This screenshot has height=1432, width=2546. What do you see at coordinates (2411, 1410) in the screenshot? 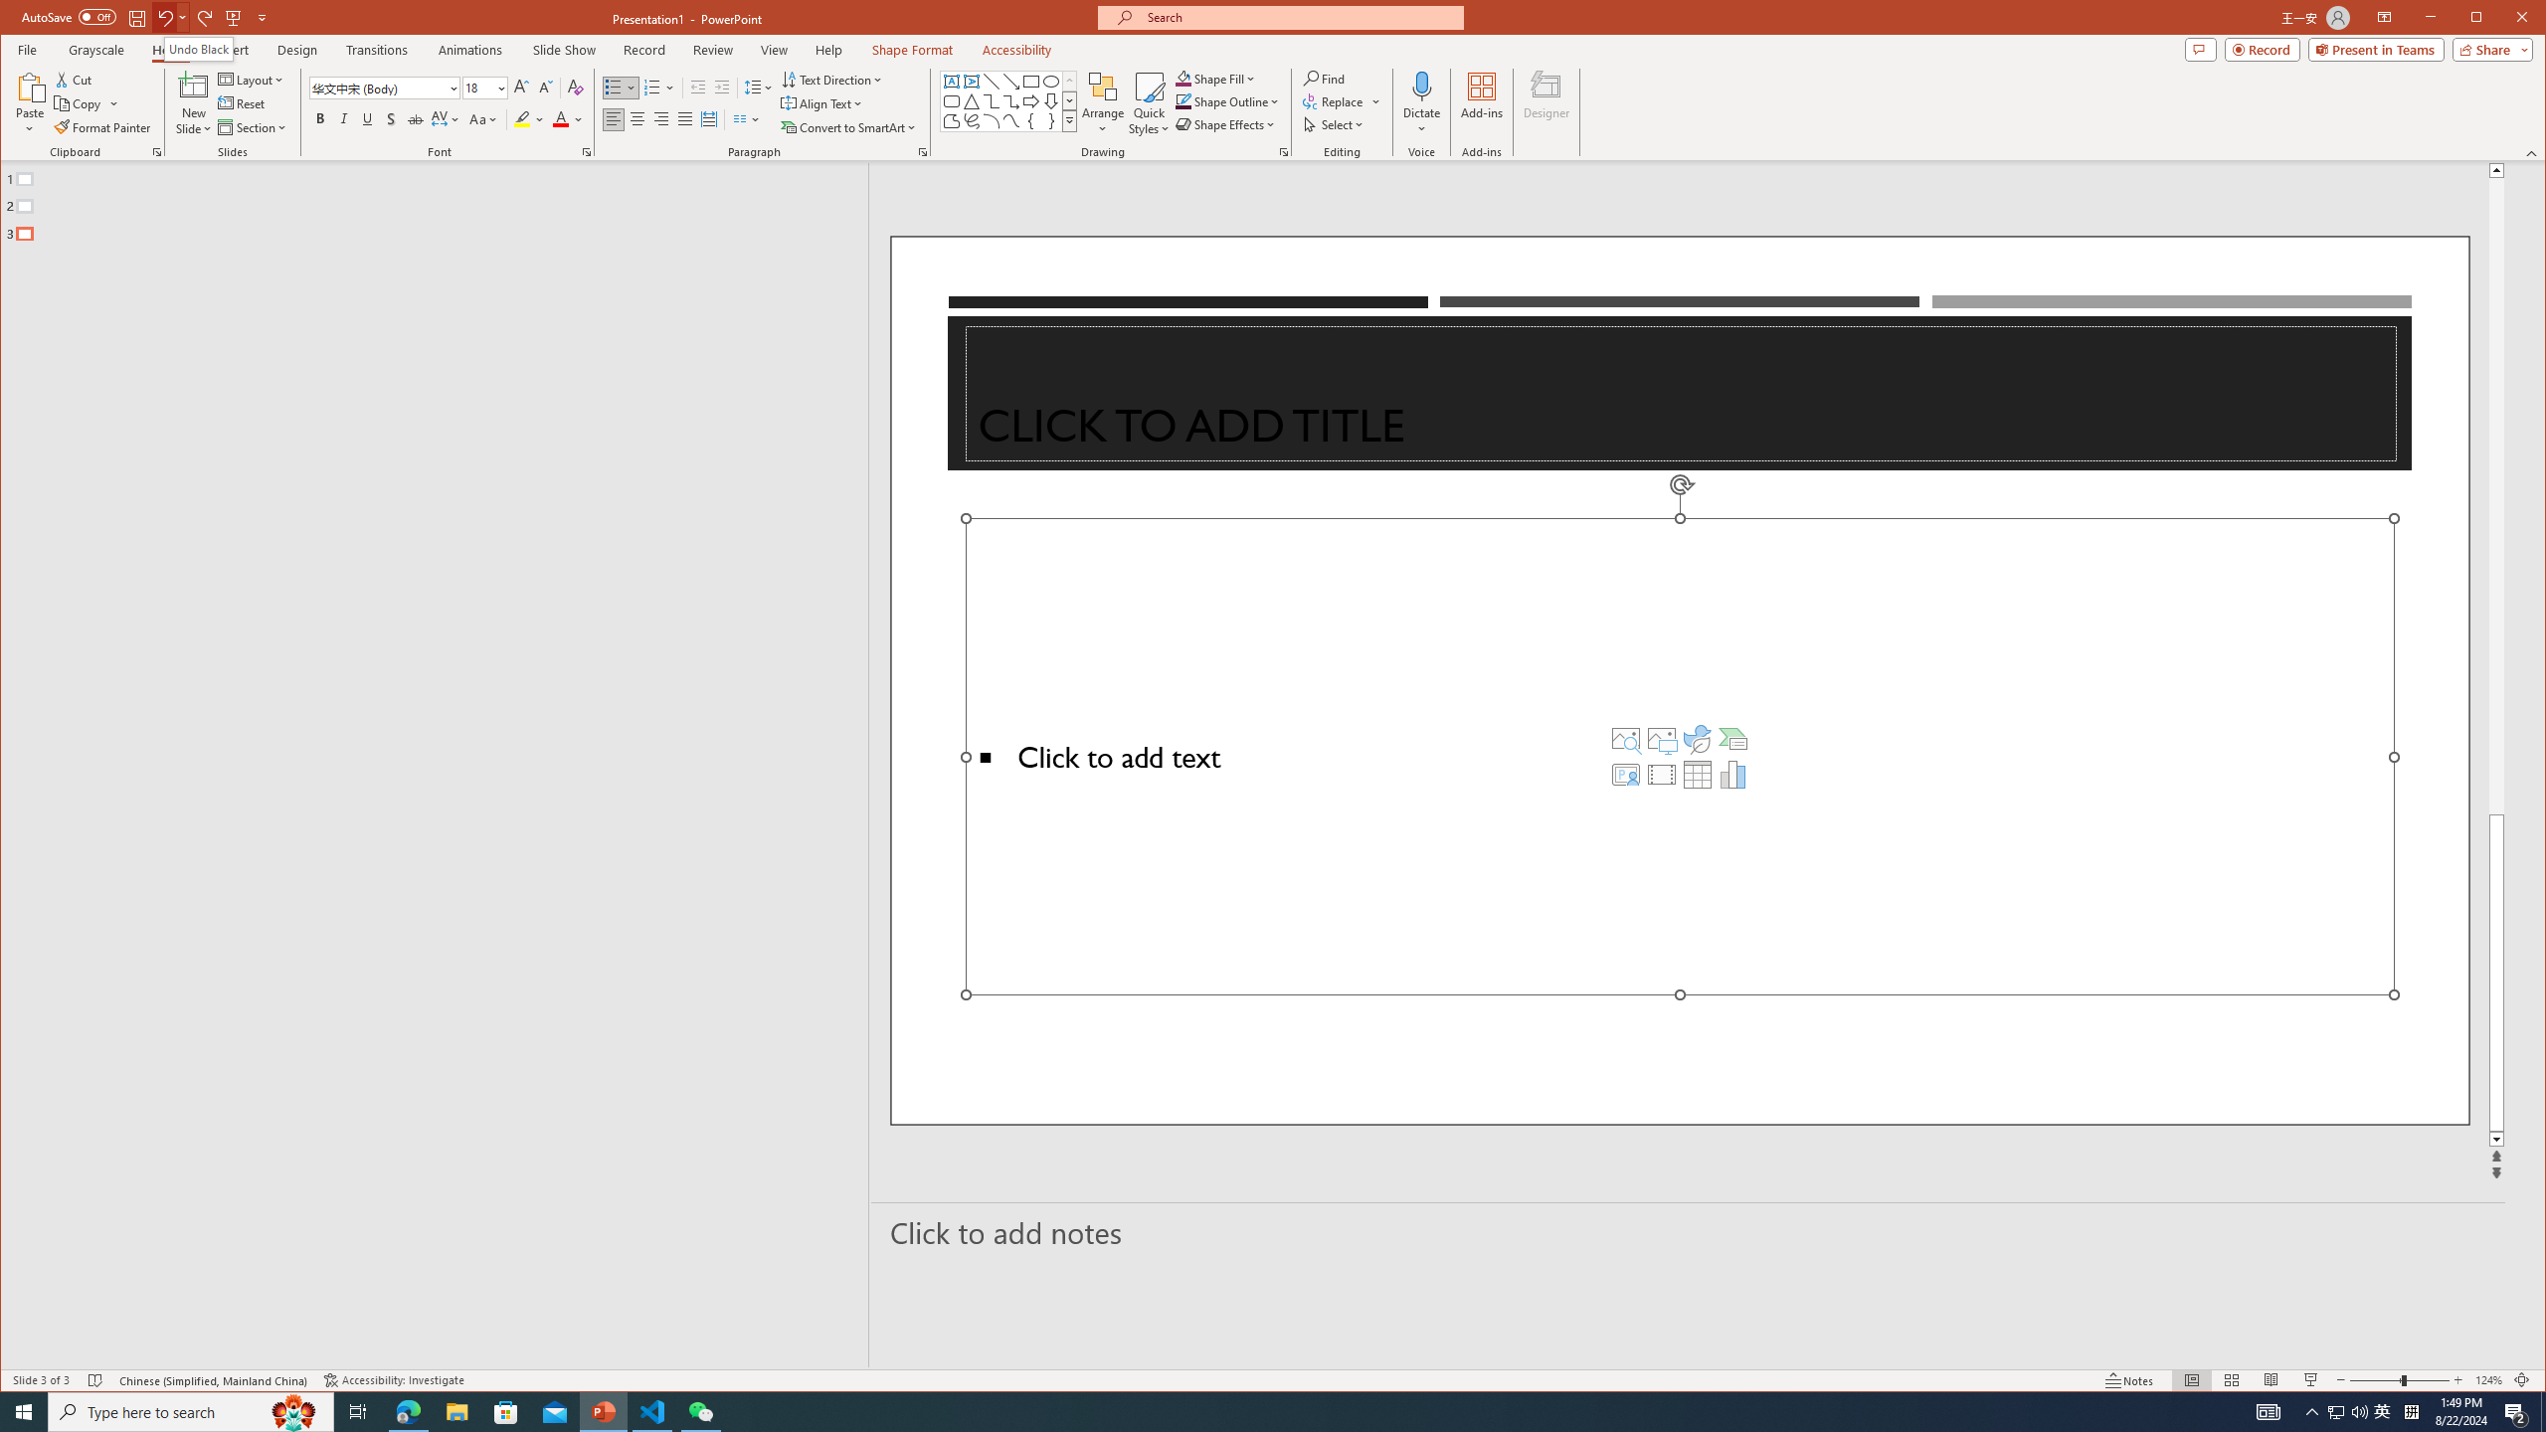
I see `'Tray Input Indicator - Chinese (Simplified, China)'` at bounding box center [2411, 1410].